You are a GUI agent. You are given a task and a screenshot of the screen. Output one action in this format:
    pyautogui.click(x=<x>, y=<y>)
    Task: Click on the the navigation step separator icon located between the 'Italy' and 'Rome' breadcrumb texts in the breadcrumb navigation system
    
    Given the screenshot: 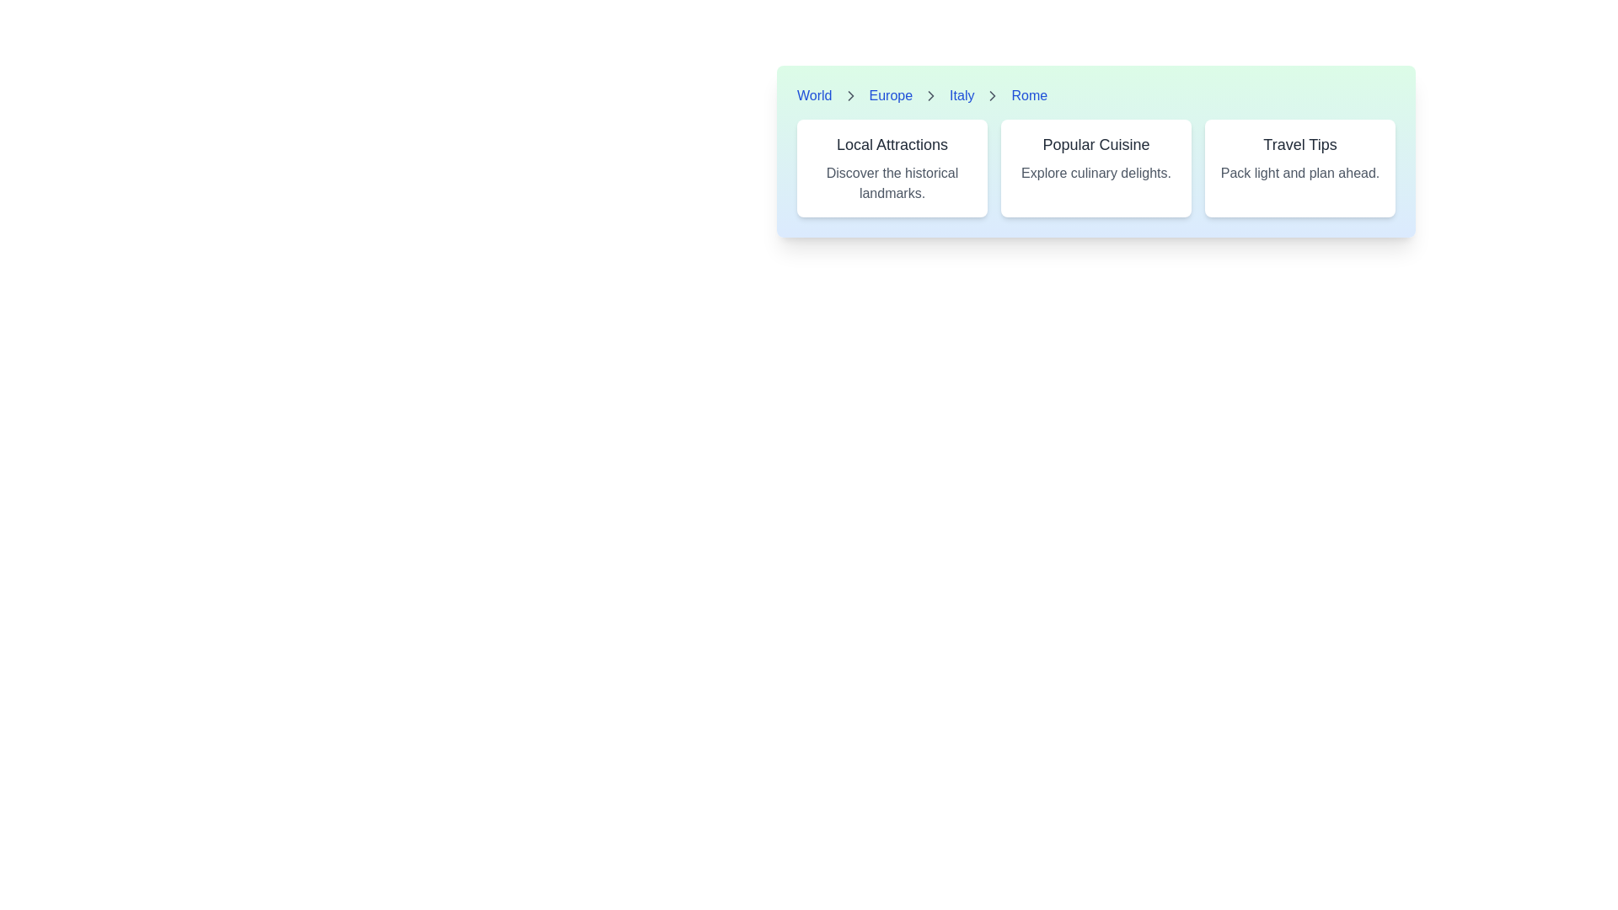 What is the action you would take?
    pyautogui.click(x=993, y=96)
    